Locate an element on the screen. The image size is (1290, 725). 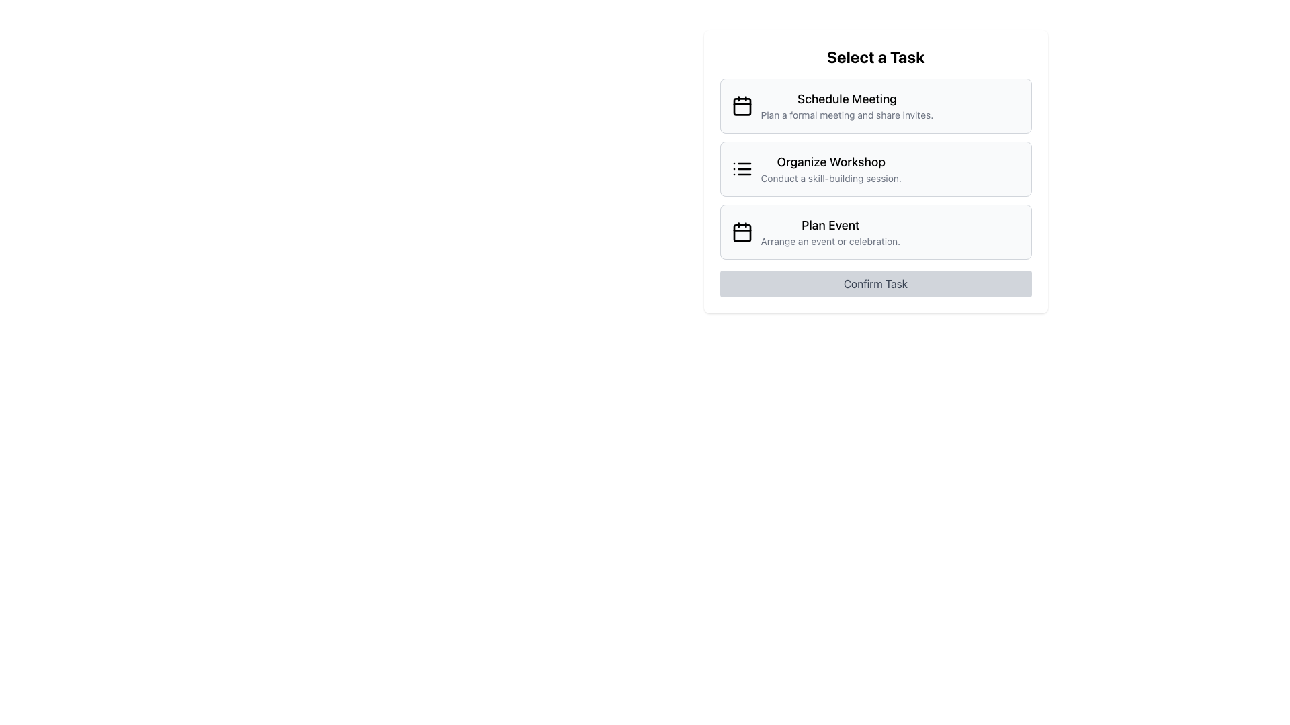
the minimalist calendar icon located in the top-left corner of the 'Schedule Meeting' option in the task selection panel is located at coordinates (741, 105).